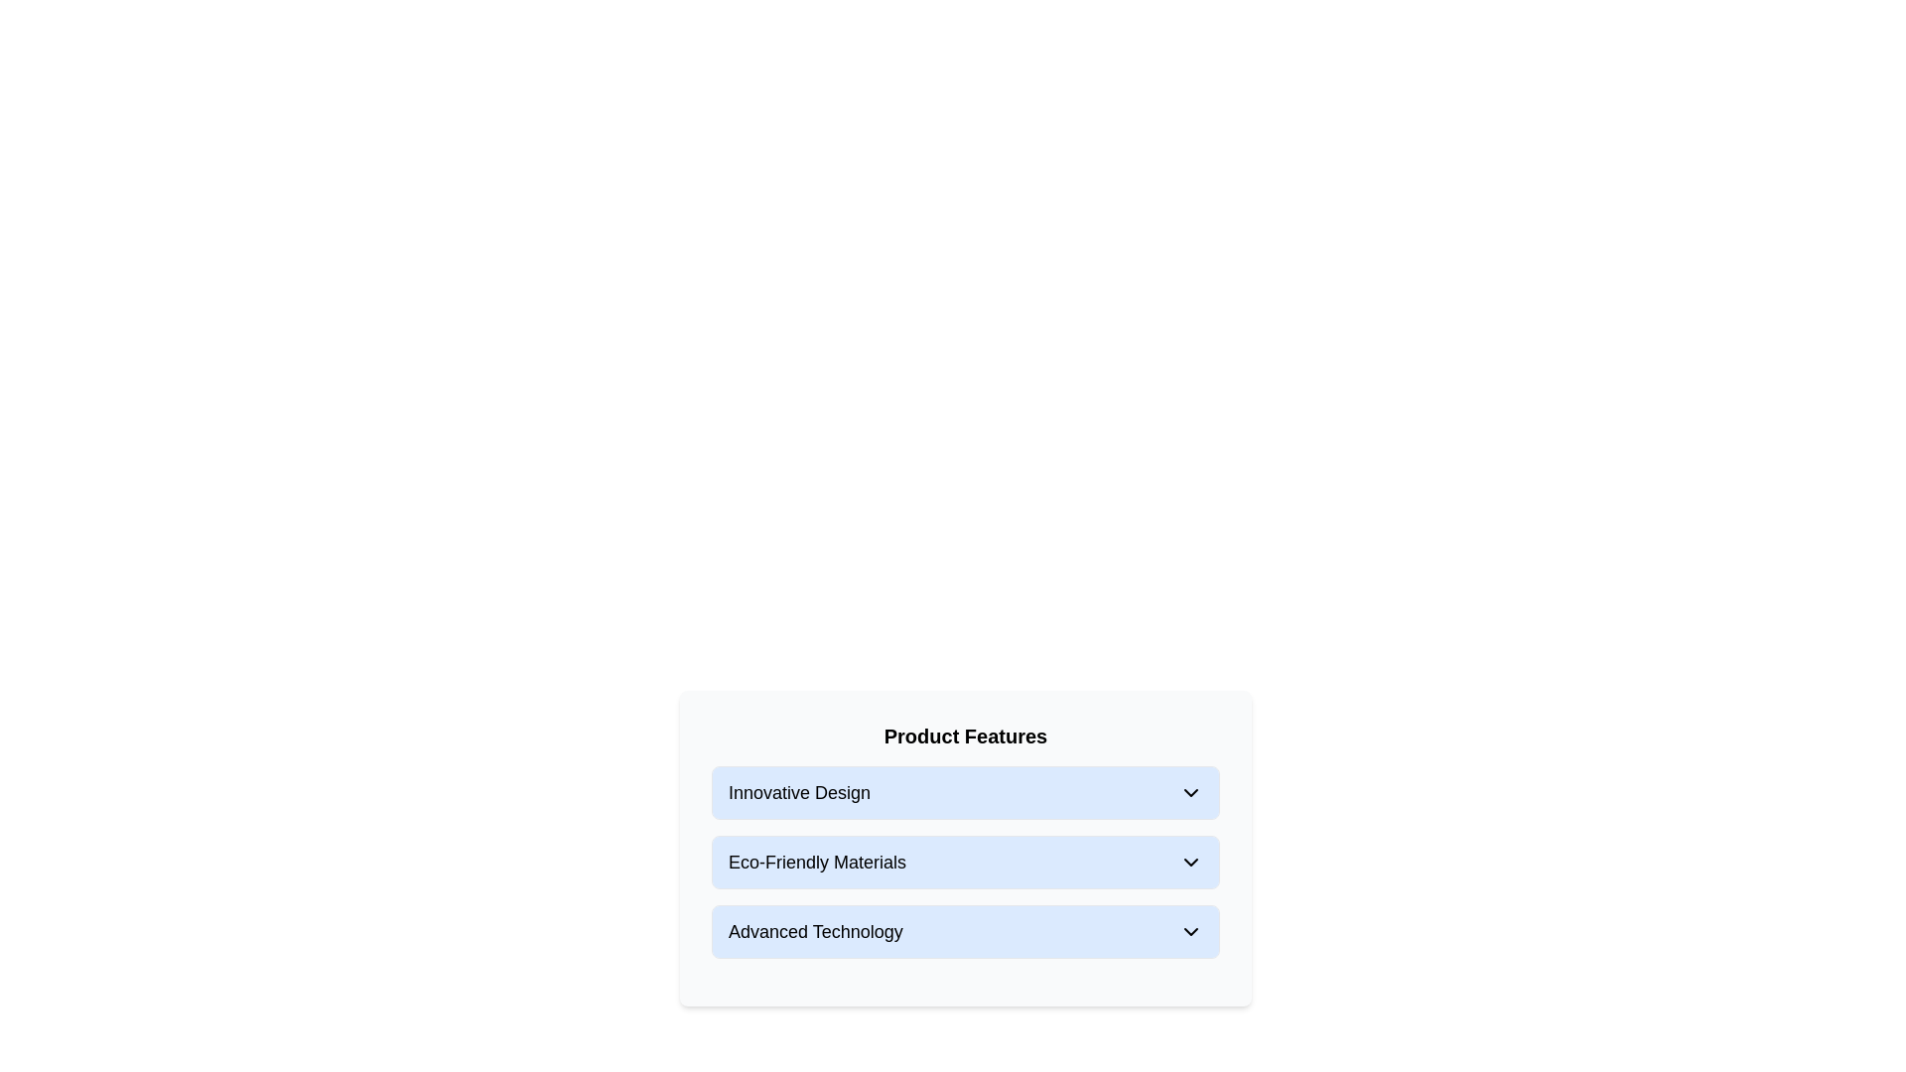  I want to click on the 'Innovative Design' text label, which is styled with a medium font weight and large text size, located on a light blue background within the 'Product Features' section, so click(799, 791).